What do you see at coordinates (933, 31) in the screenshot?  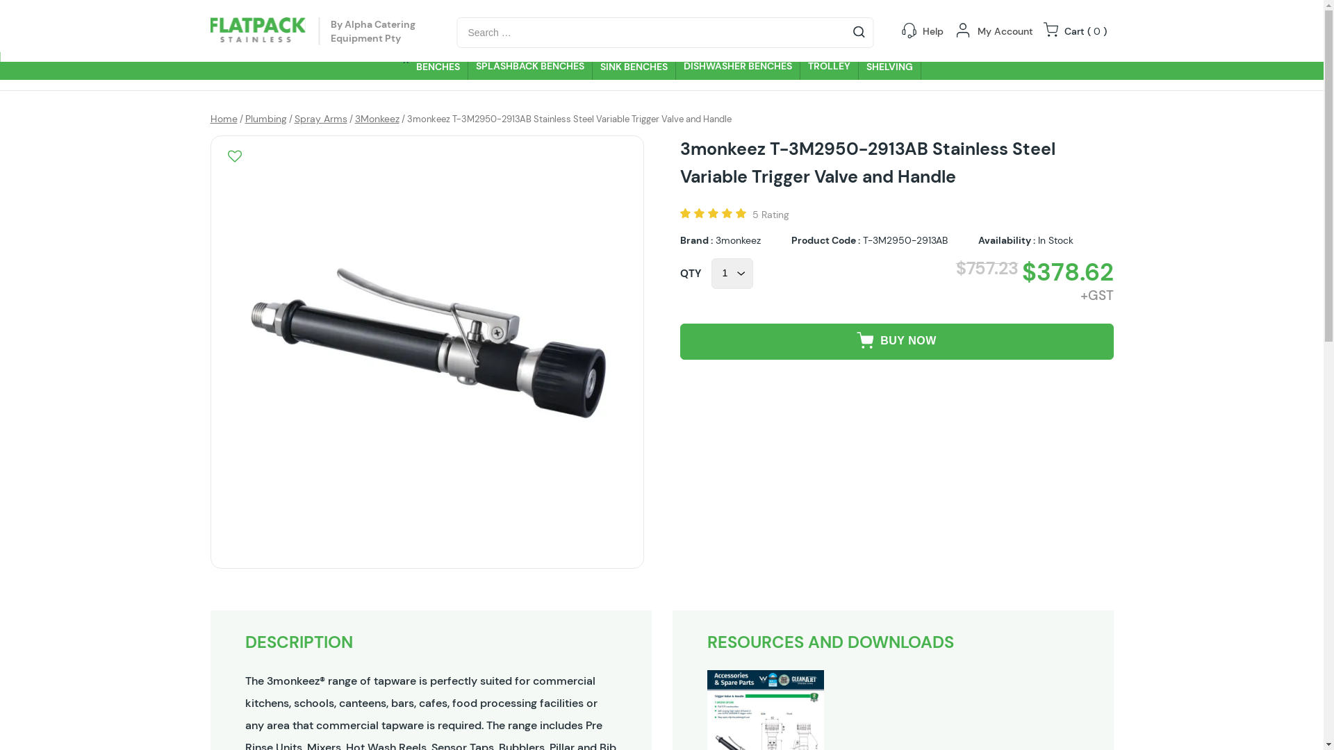 I see `'Help'` at bounding box center [933, 31].